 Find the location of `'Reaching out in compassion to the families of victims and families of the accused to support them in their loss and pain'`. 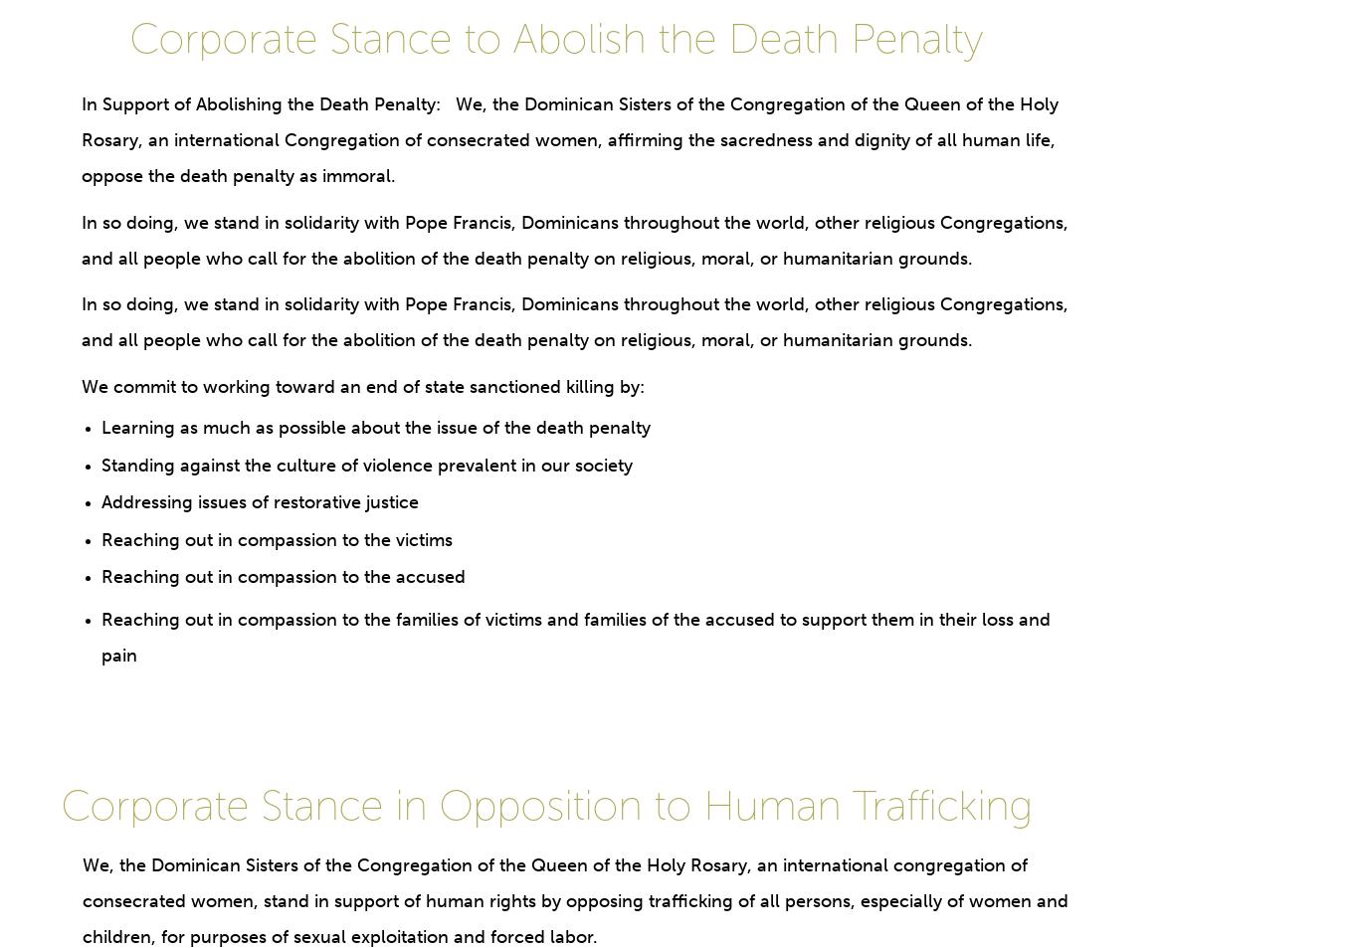

'Reaching out in compassion to the families of victims and families of the accused to support them in their loss and pain' is located at coordinates (573, 637).